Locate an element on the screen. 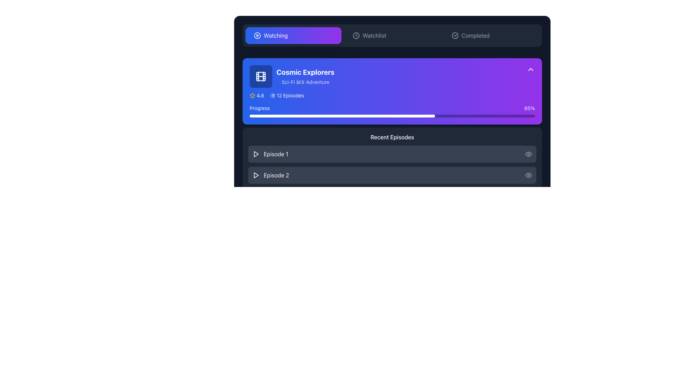  the star icon representing the rating, located to the left of the rating text '4.8' is located at coordinates (252, 95).